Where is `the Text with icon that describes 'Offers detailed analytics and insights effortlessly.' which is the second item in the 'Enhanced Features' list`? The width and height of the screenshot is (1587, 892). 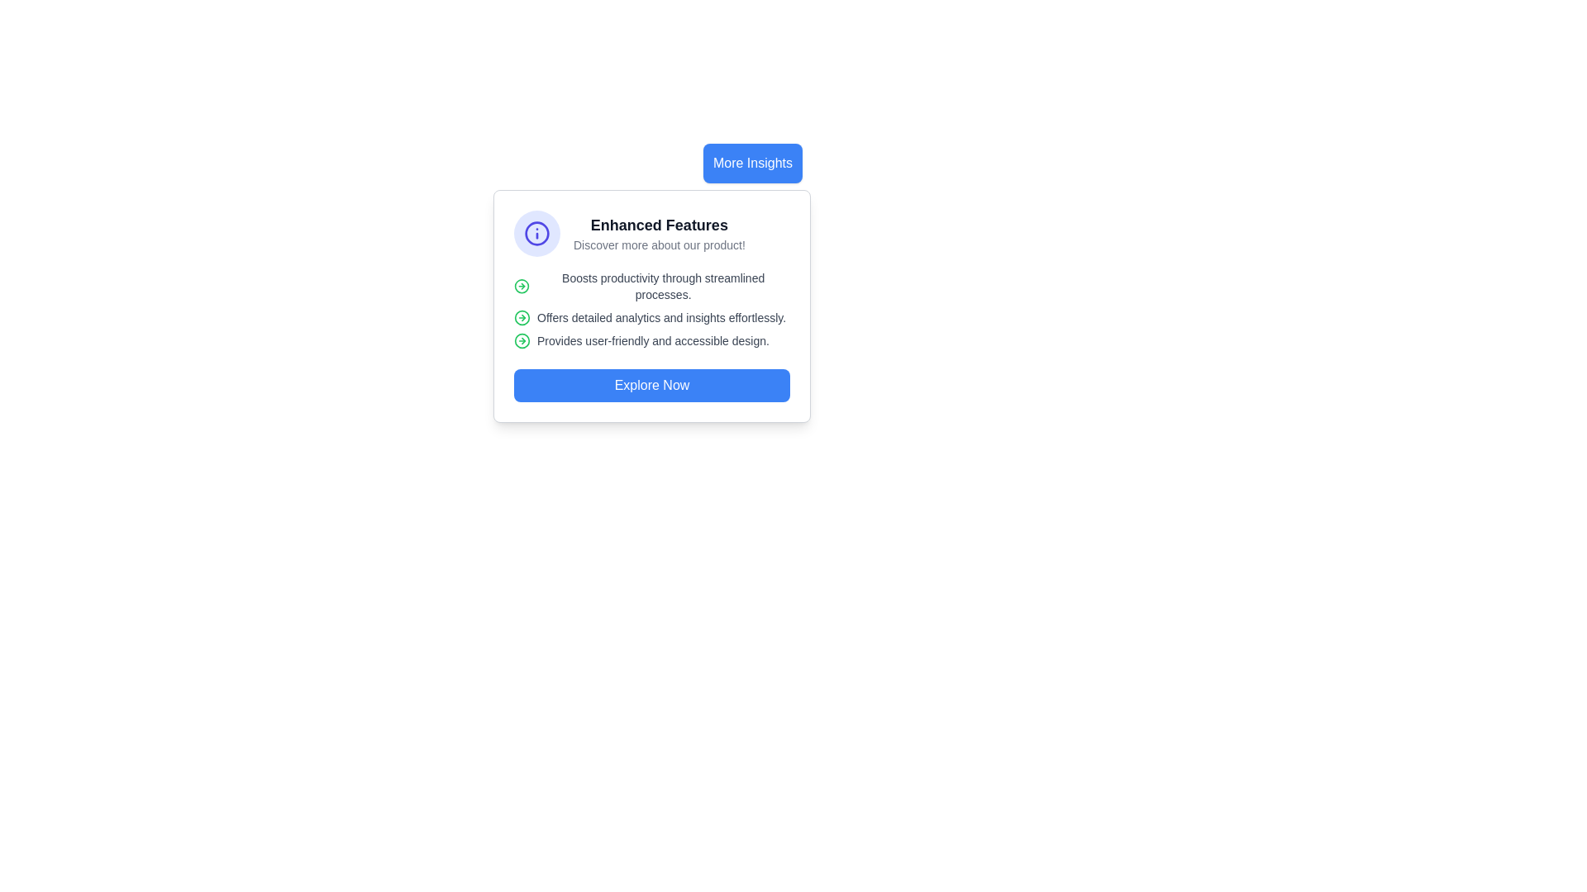 the Text with icon that describes 'Offers detailed analytics and insights effortlessly.' which is the second item in the 'Enhanced Features' list is located at coordinates (651, 318).